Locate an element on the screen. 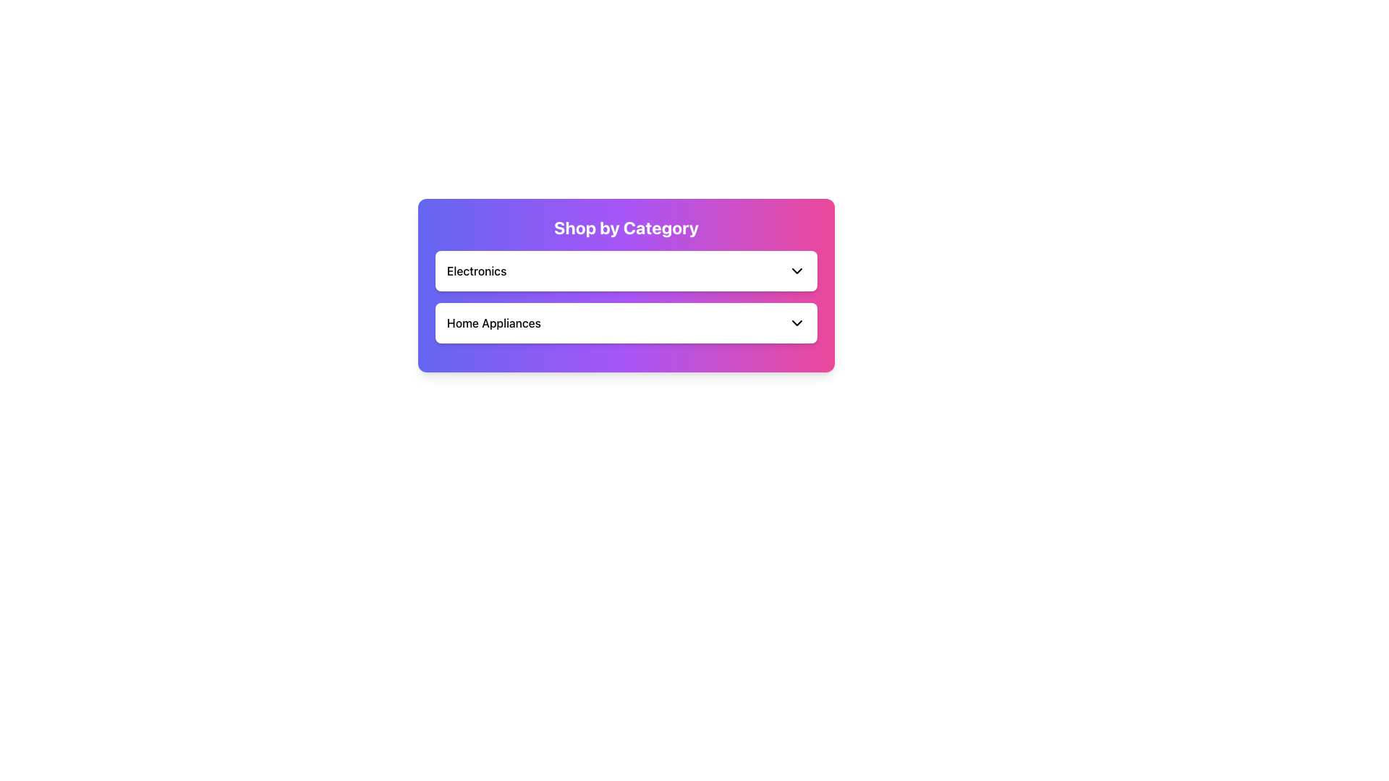  the 'Shop by Category' heading element, which is a large, bold text at the top of a gradient background panel transitioning from purple to pink is located at coordinates (626, 228).